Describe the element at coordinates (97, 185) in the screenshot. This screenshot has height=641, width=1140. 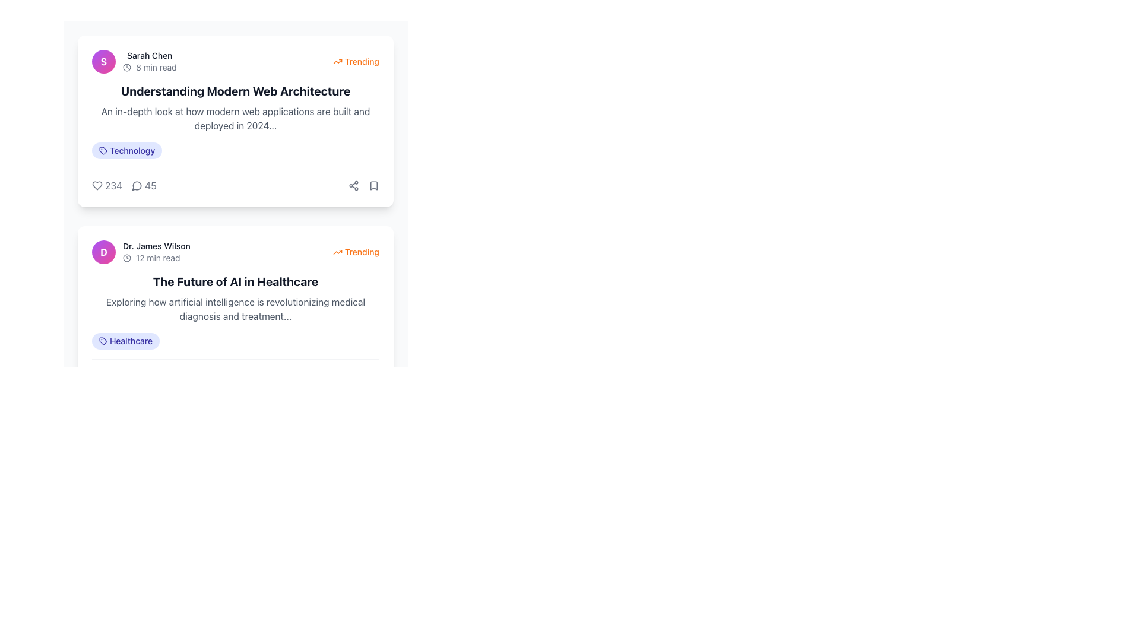
I see `the heart icon located at the lower portion of the article card summarizing 'Understanding Modern Web Architecture'` at that location.